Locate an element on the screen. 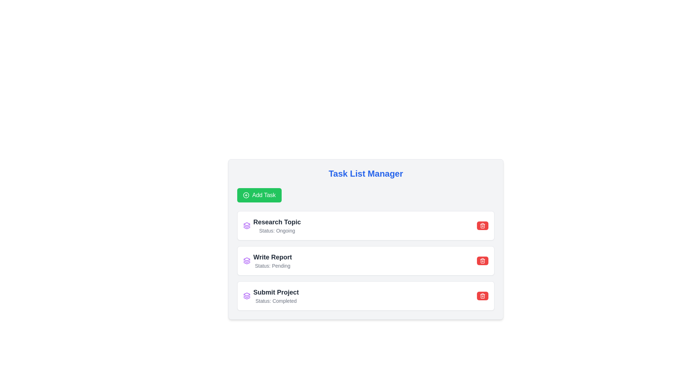 This screenshot has height=387, width=688. the icon with a purple outline and rounded edges, located to the left of the 'Submit Project' and 'Status: Completed' labels, within the third card in the task list is located at coordinates (247, 296).